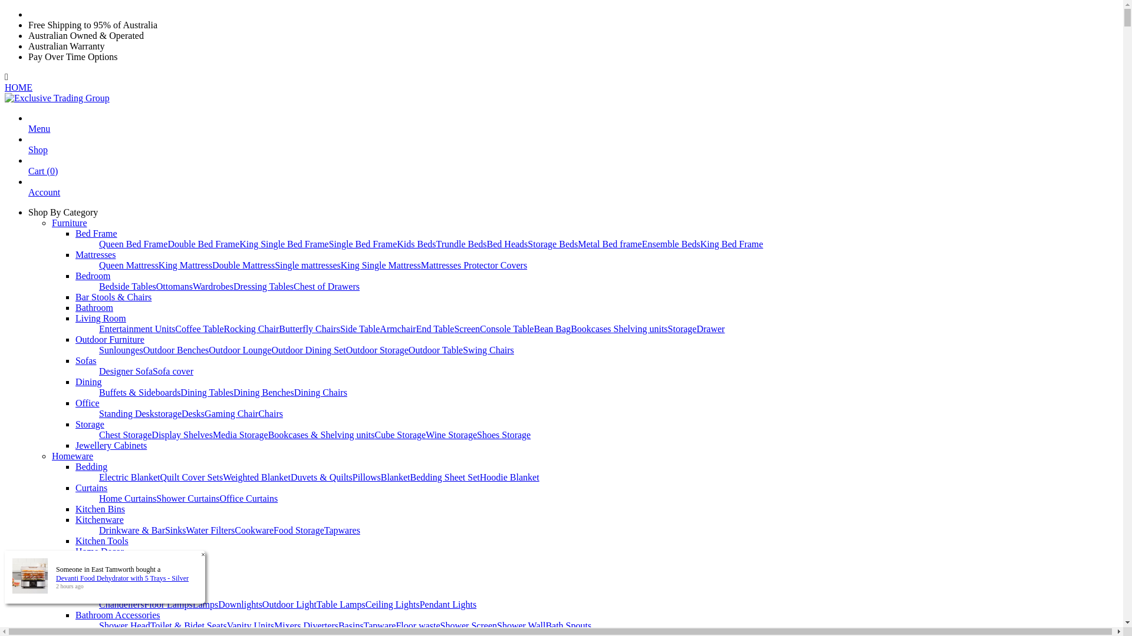  What do you see at coordinates (127, 413) in the screenshot?
I see `'Standing Desk'` at bounding box center [127, 413].